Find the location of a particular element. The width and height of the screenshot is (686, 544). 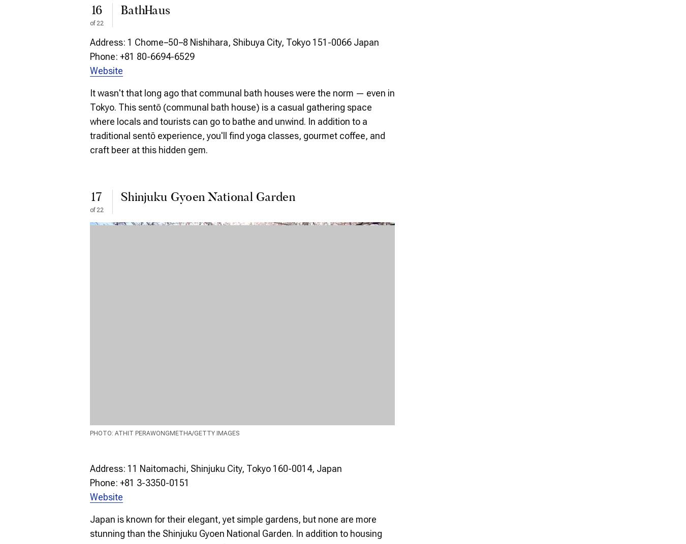

'17' is located at coordinates (91, 197).